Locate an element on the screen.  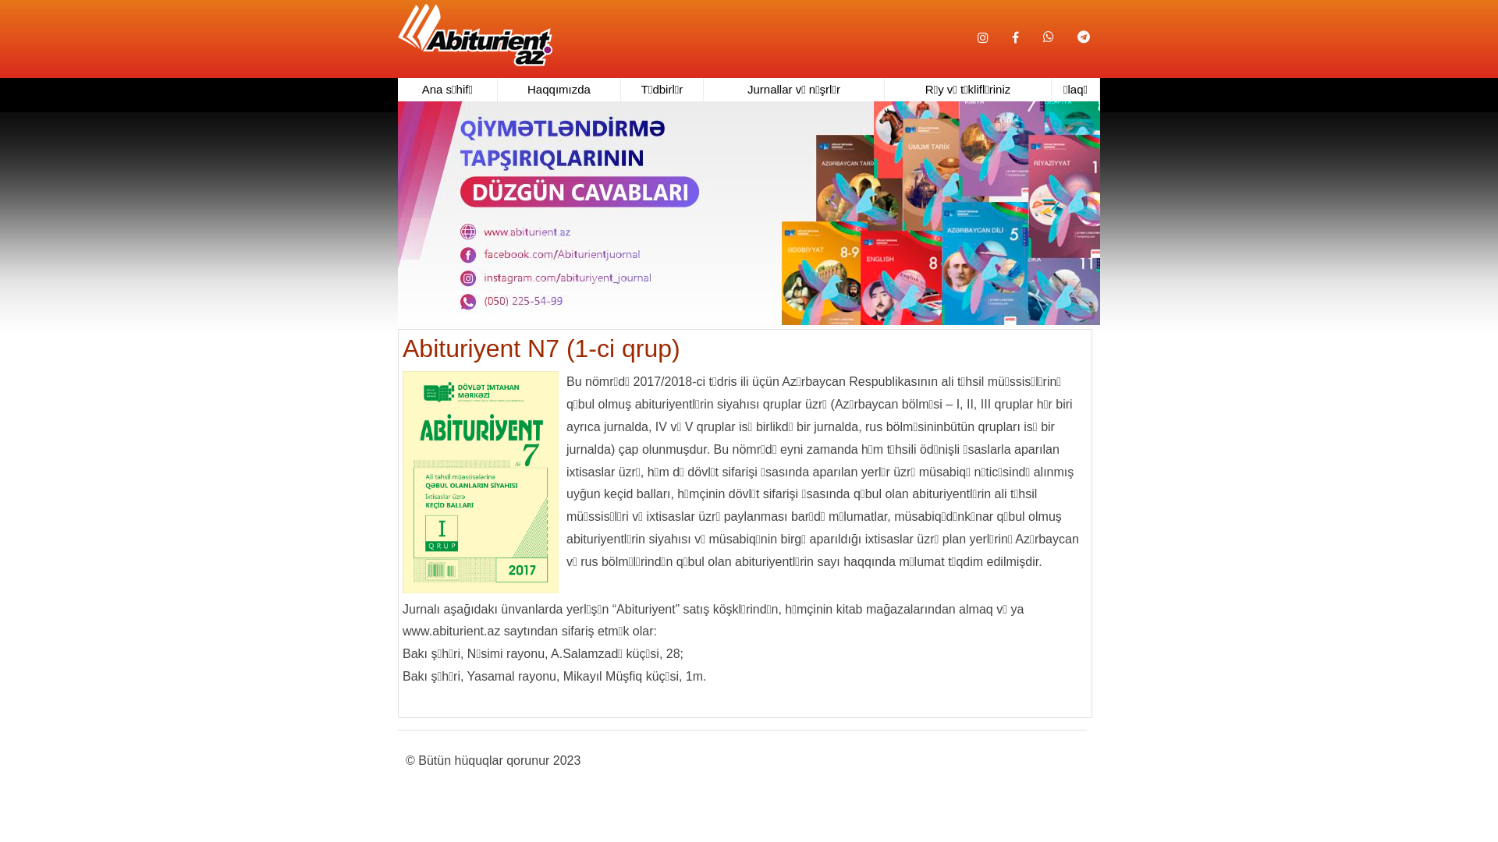
'Watsapp' is located at coordinates (1049, 27).